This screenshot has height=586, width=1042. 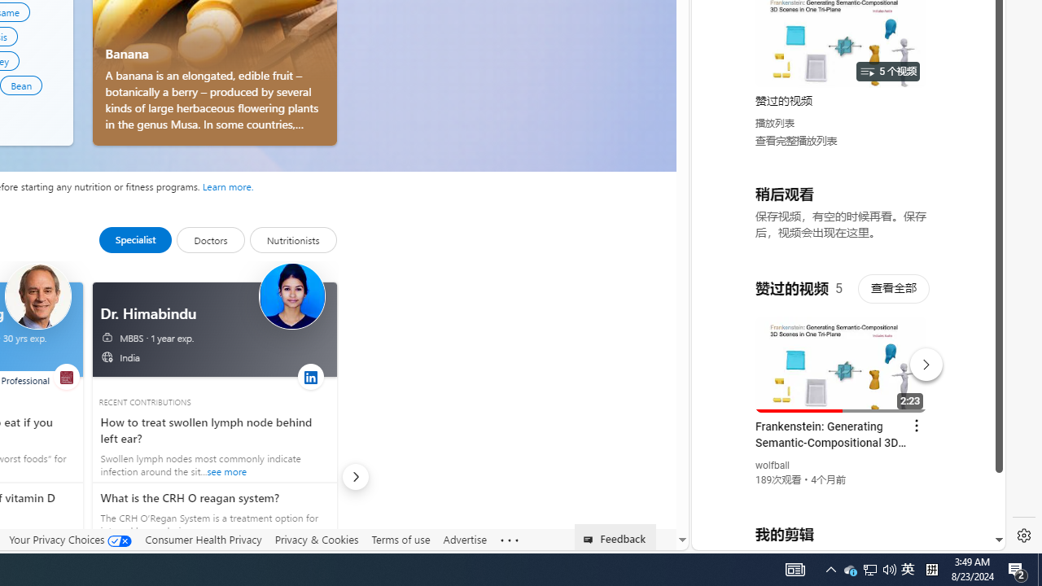 I want to click on 'Global web icon', so click(x=722, y=351).